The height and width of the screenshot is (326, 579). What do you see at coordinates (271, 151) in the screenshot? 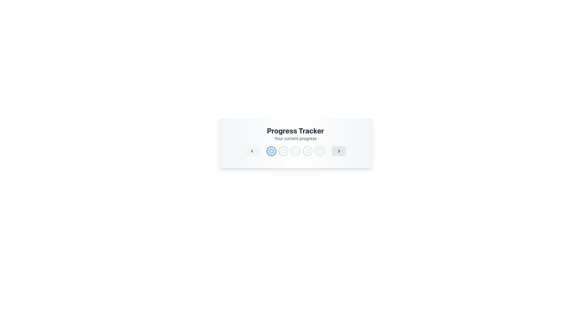
I see `the second circle of the multi-step progress indicator located beneath the text 'Your current progress' to interact with the progress step` at bounding box center [271, 151].